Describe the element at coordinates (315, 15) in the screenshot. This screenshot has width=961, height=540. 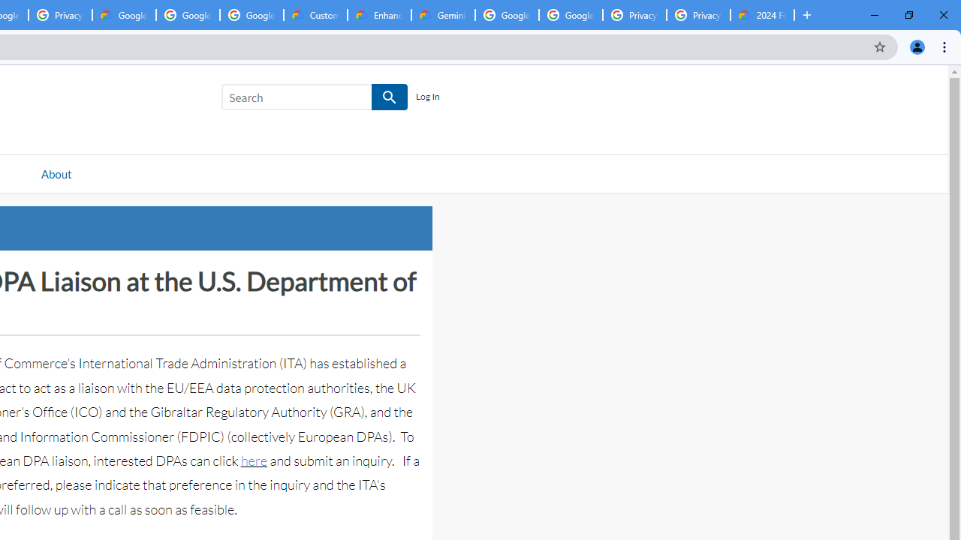
I see `'Customer Care | Google Cloud'` at that location.